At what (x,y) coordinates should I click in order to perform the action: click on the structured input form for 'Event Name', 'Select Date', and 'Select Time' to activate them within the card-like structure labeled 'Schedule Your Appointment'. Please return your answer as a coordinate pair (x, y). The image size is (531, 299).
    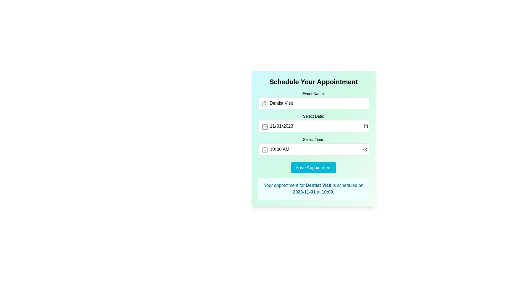
    Looking at the image, I should click on (313, 138).